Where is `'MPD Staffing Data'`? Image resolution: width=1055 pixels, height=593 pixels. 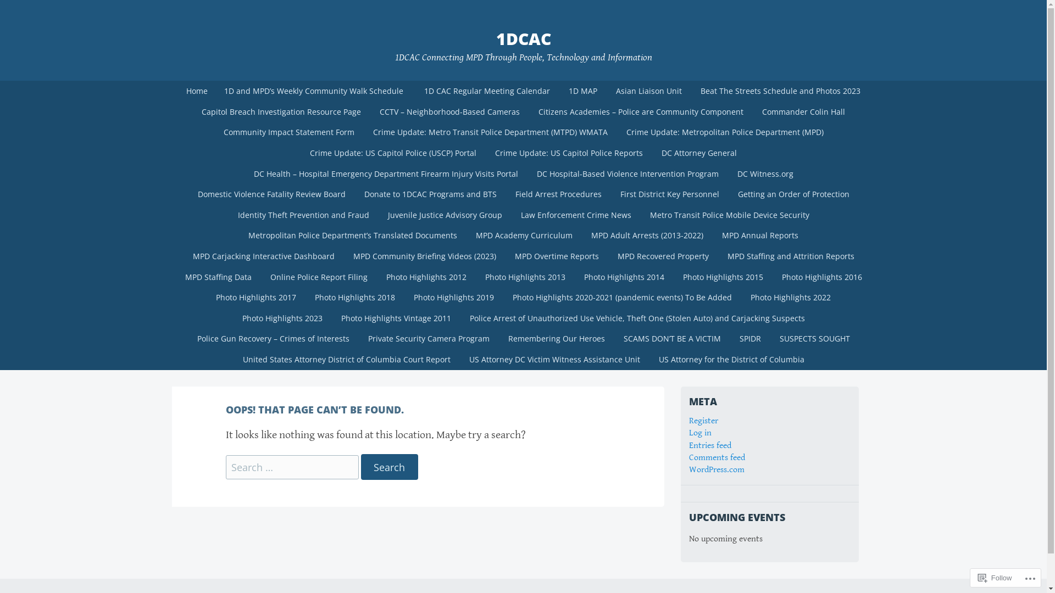
'MPD Staffing Data' is located at coordinates (218, 277).